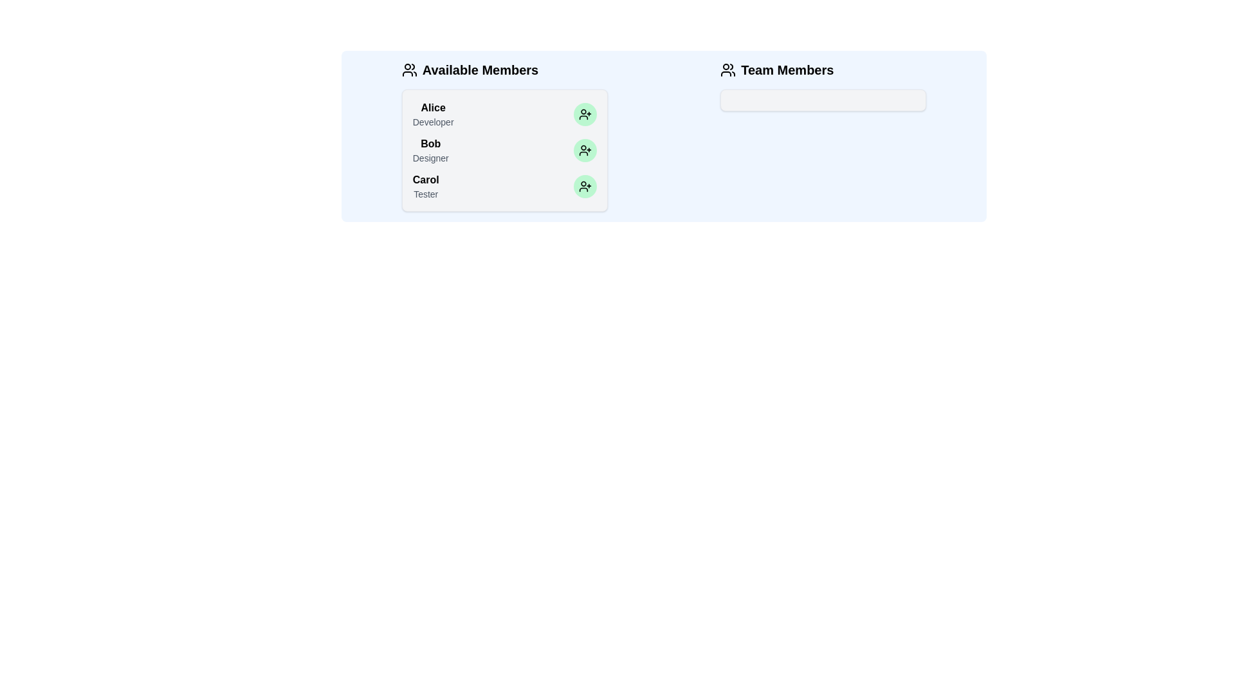  Describe the element at coordinates (584, 113) in the screenshot. I see `the green button next to the name of Alice to transfer them to the team` at that location.